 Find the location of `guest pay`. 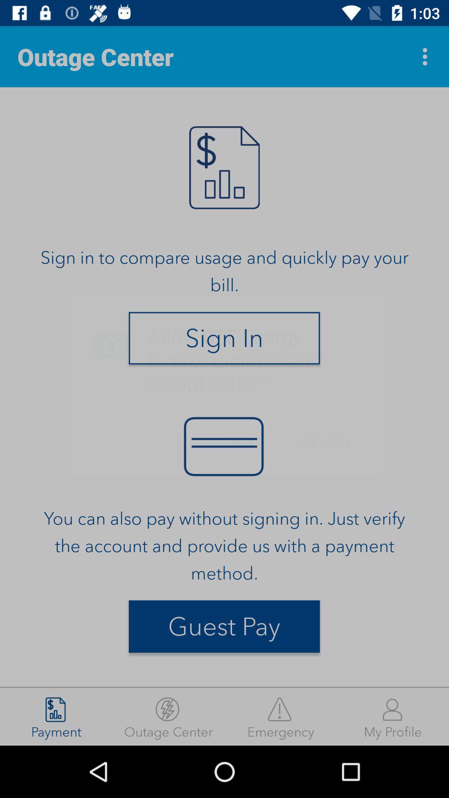

guest pay is located at coordinates (224, 626).